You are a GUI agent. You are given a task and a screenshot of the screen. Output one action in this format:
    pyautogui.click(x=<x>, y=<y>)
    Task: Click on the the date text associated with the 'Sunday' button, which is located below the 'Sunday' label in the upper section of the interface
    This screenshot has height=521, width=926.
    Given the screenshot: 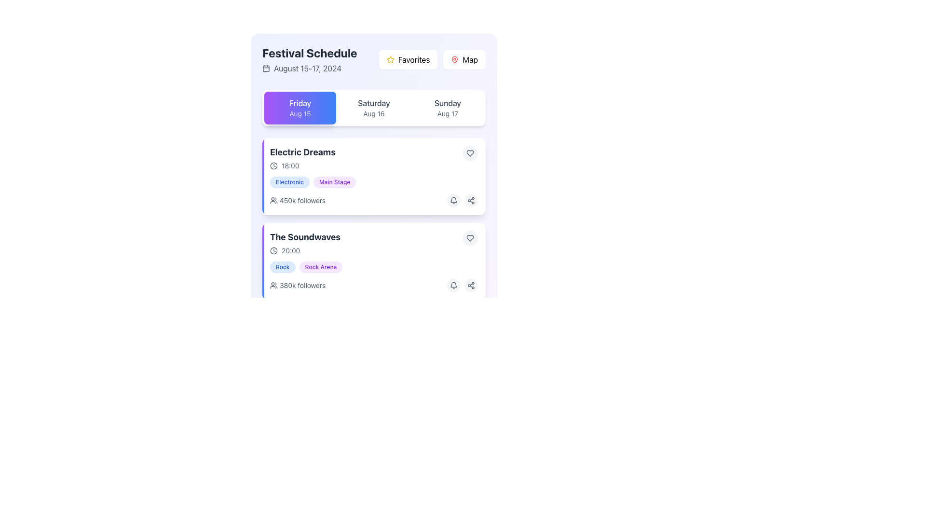 What is the action you would take?
    pyautogui.click(x=447, y=113)
    